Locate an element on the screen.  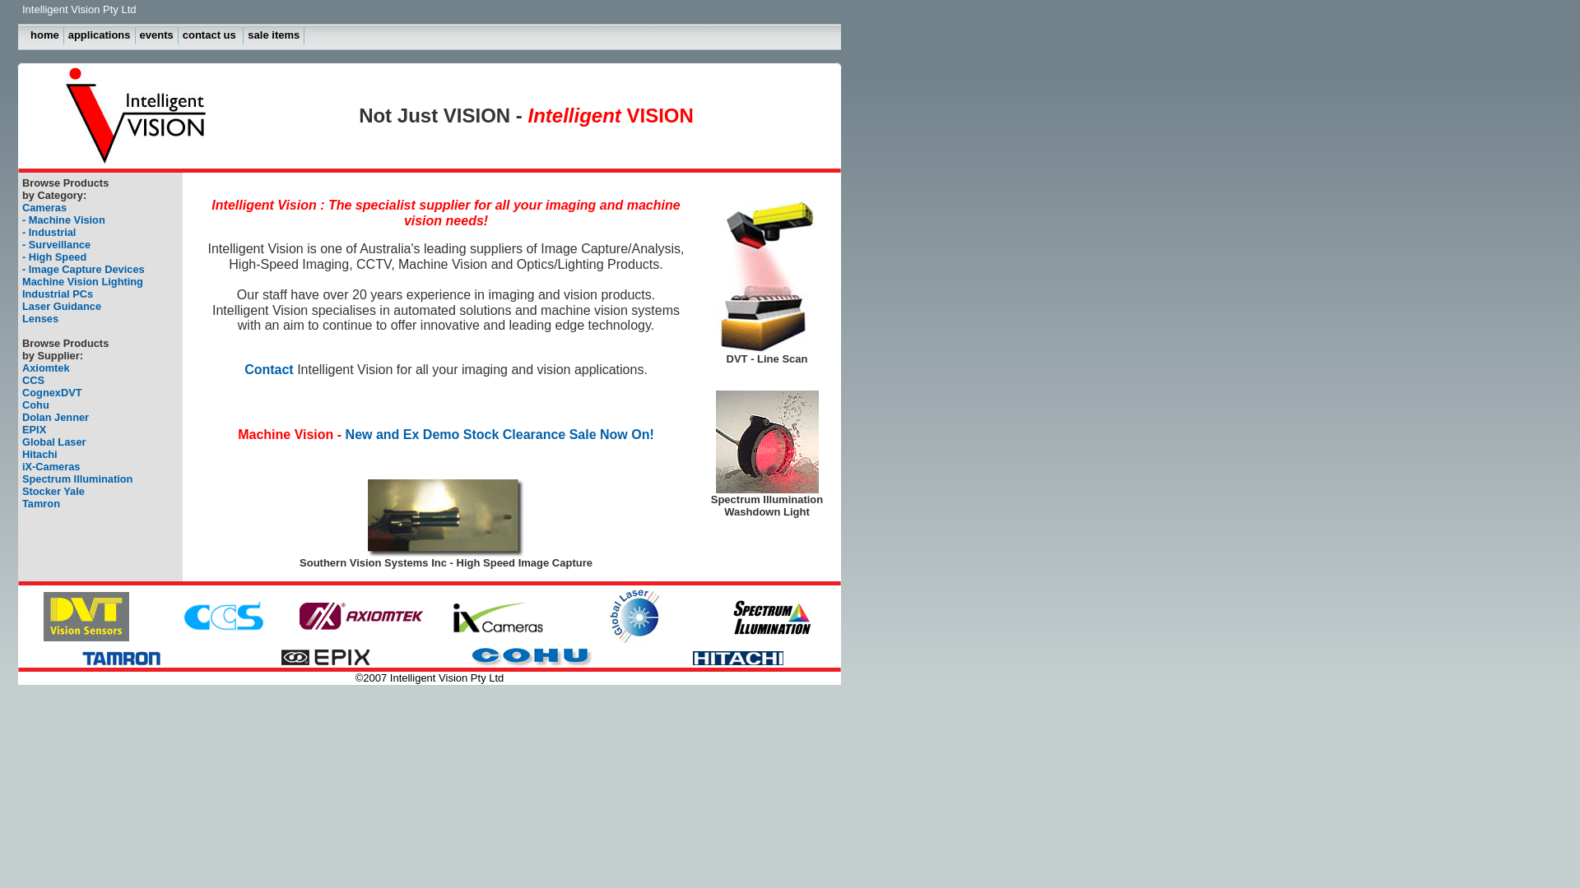
'Cohu' is located at coordinates (35, 405).